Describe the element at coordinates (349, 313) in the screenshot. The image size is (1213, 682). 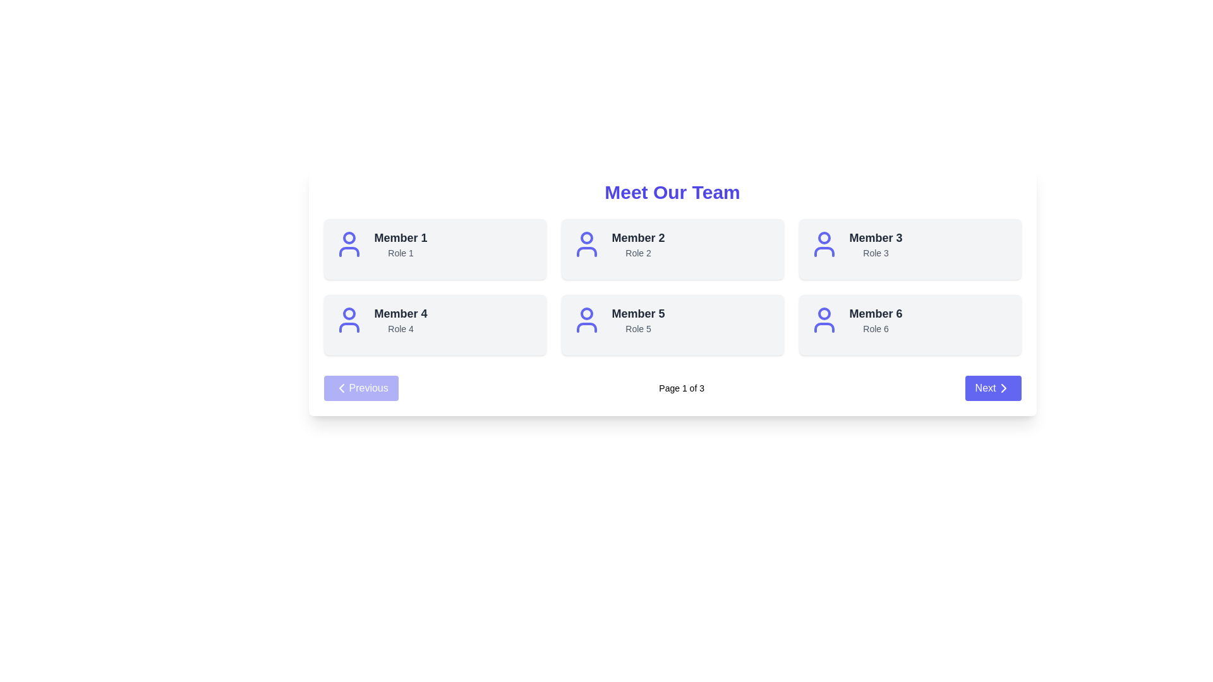
I see `the circular graphic element representing the head component of the user profile icon for 'Member 4, Role 4' in the lower-left corner of the grid layout` at that location.